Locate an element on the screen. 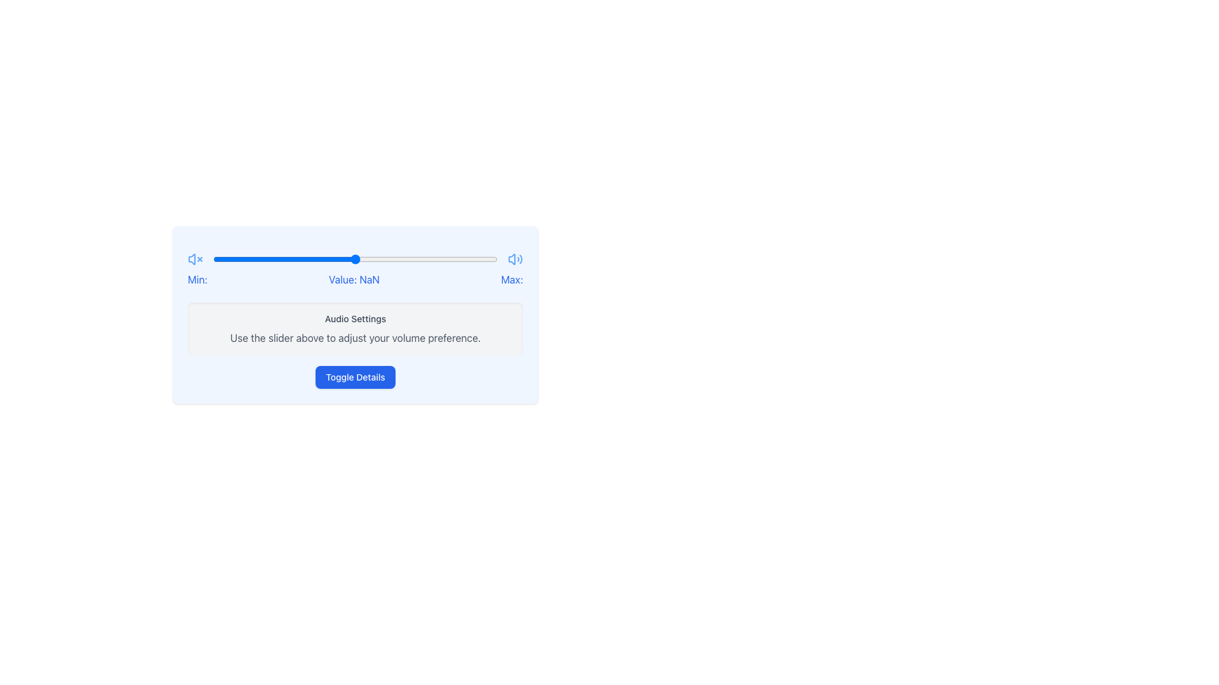 The width and height of the screenshot is (1219, 685). the graphical speaker icon with sound waves located in the top-right corner of the volume control interface is located at coordinates (512, 258).